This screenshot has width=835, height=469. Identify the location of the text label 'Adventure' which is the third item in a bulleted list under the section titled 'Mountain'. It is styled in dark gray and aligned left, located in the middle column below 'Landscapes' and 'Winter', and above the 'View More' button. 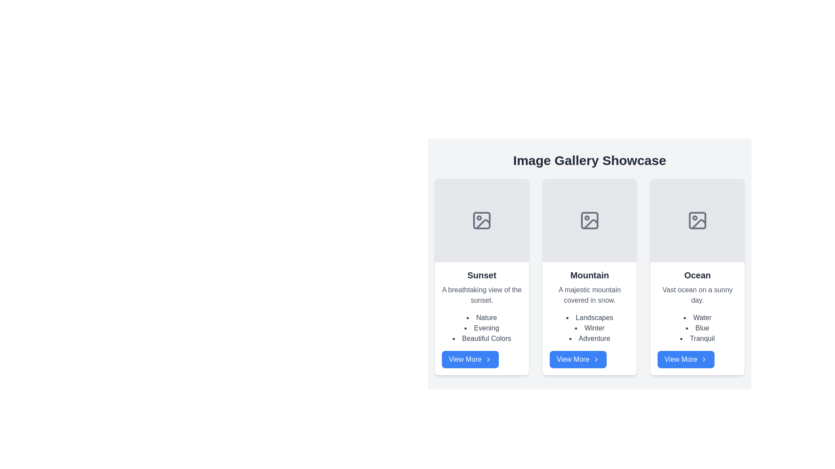
(590, 338).